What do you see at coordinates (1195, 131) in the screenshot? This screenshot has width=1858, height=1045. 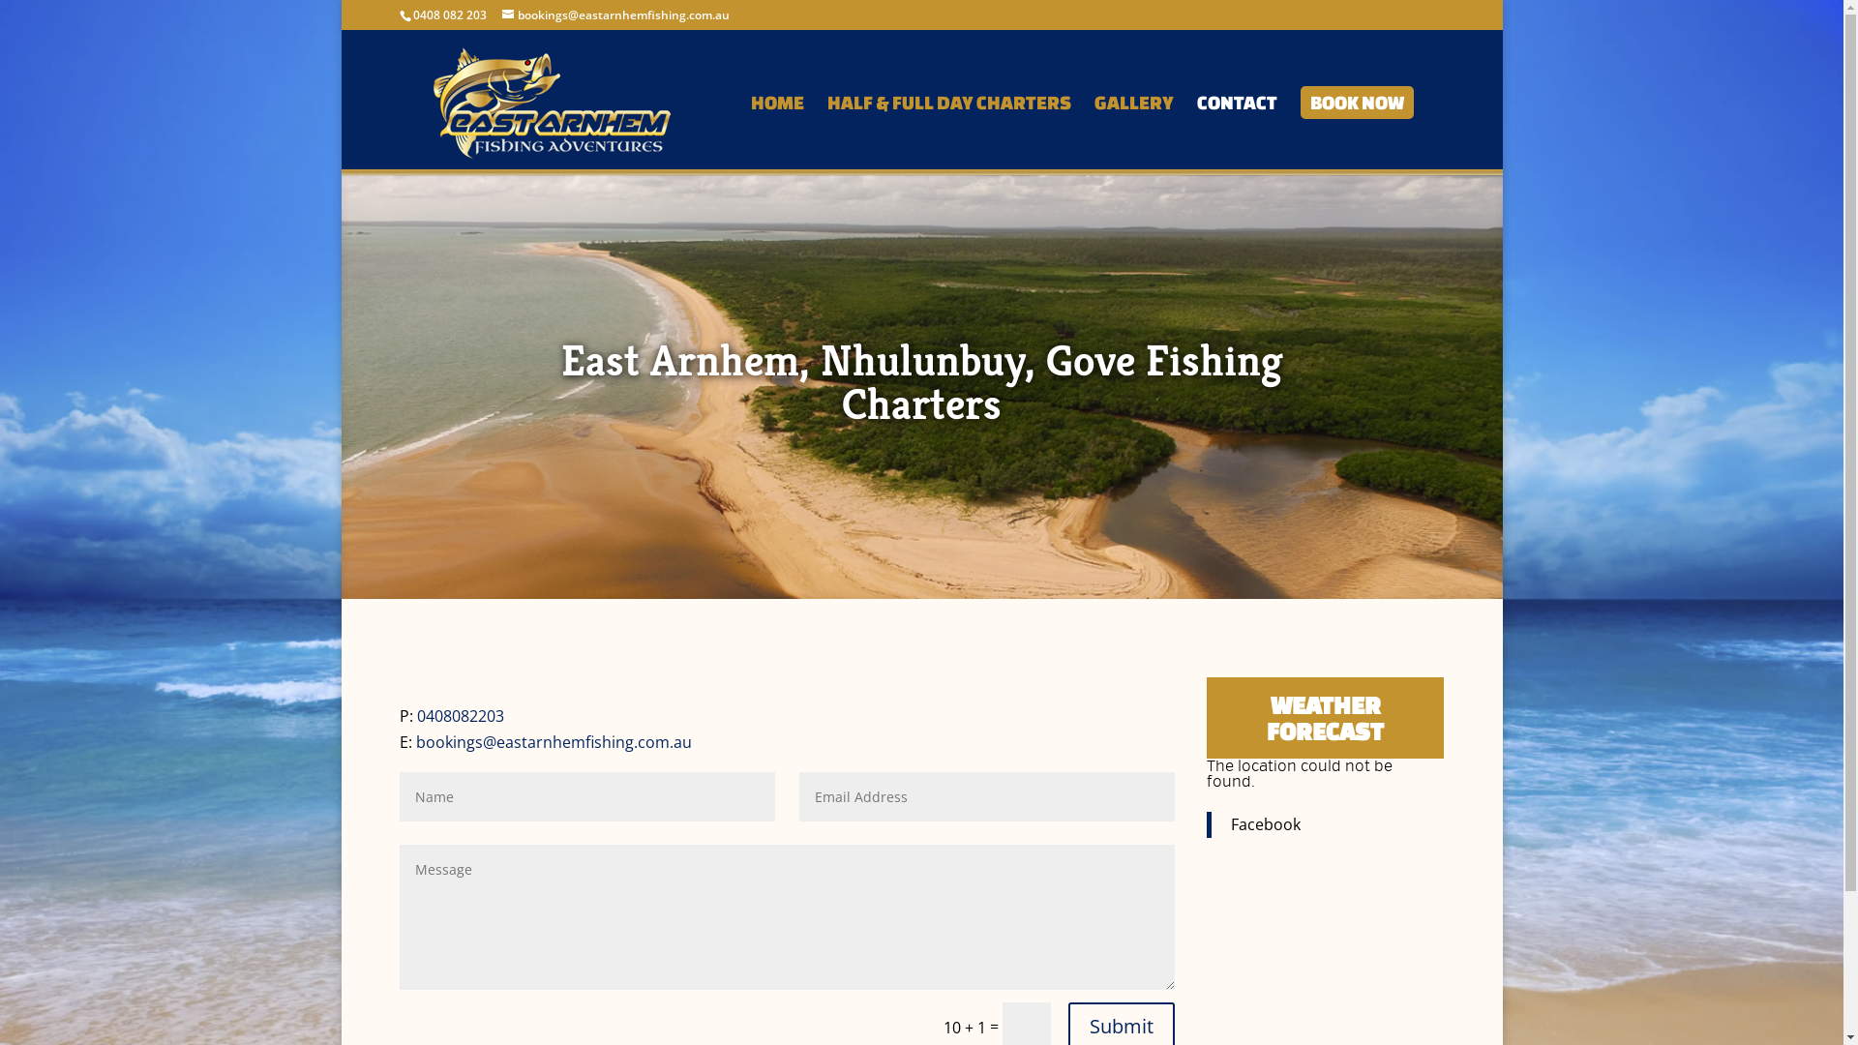 I see `'CONTACT'` at bounding box center [1195, 131].